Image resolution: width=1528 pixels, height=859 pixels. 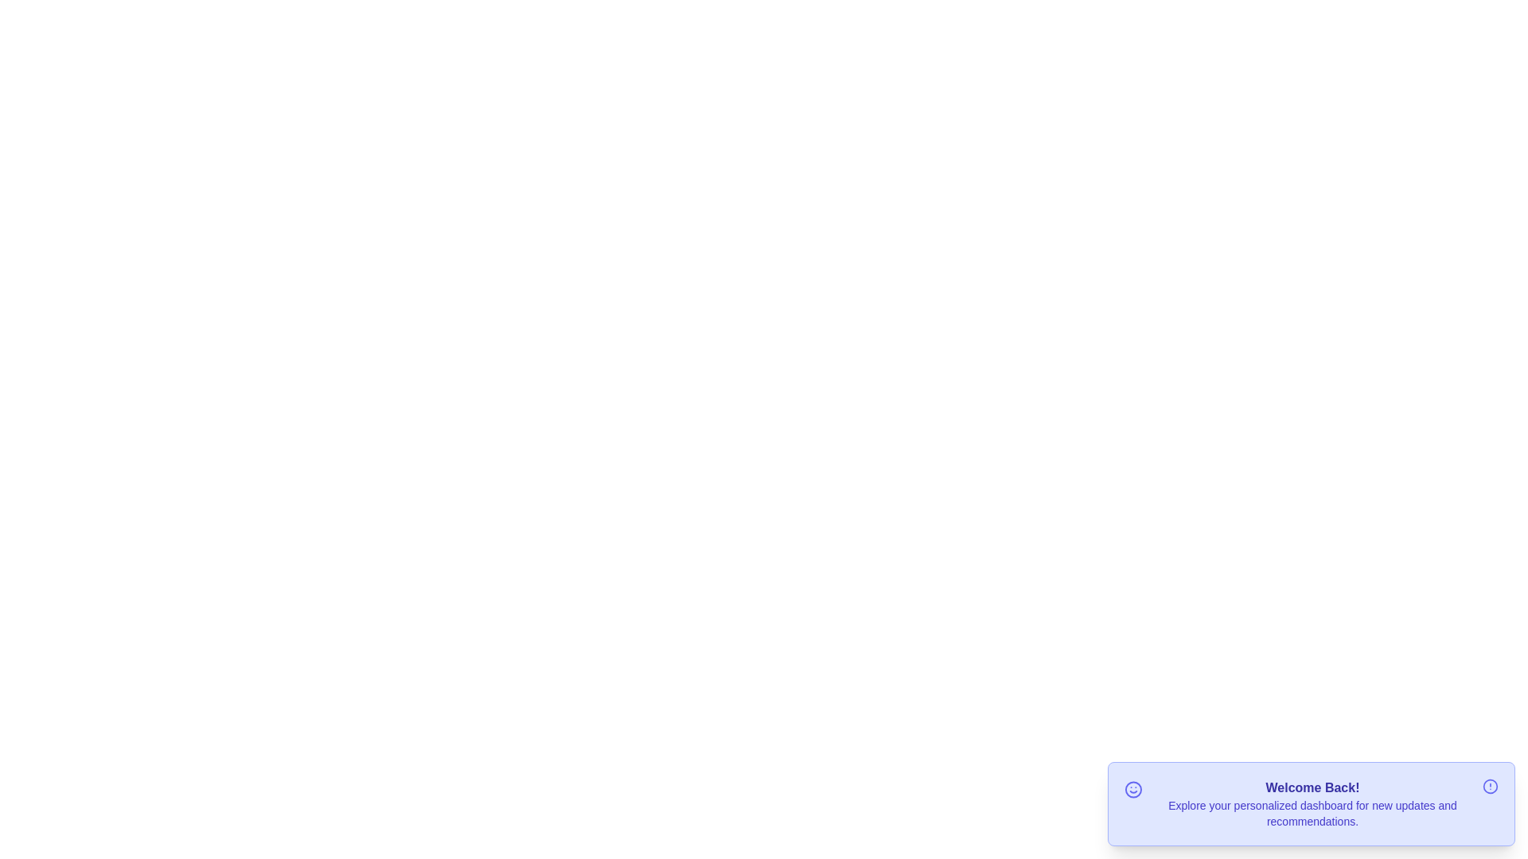 I want to click on the close button on the notification, so click(x=1489, y=785).